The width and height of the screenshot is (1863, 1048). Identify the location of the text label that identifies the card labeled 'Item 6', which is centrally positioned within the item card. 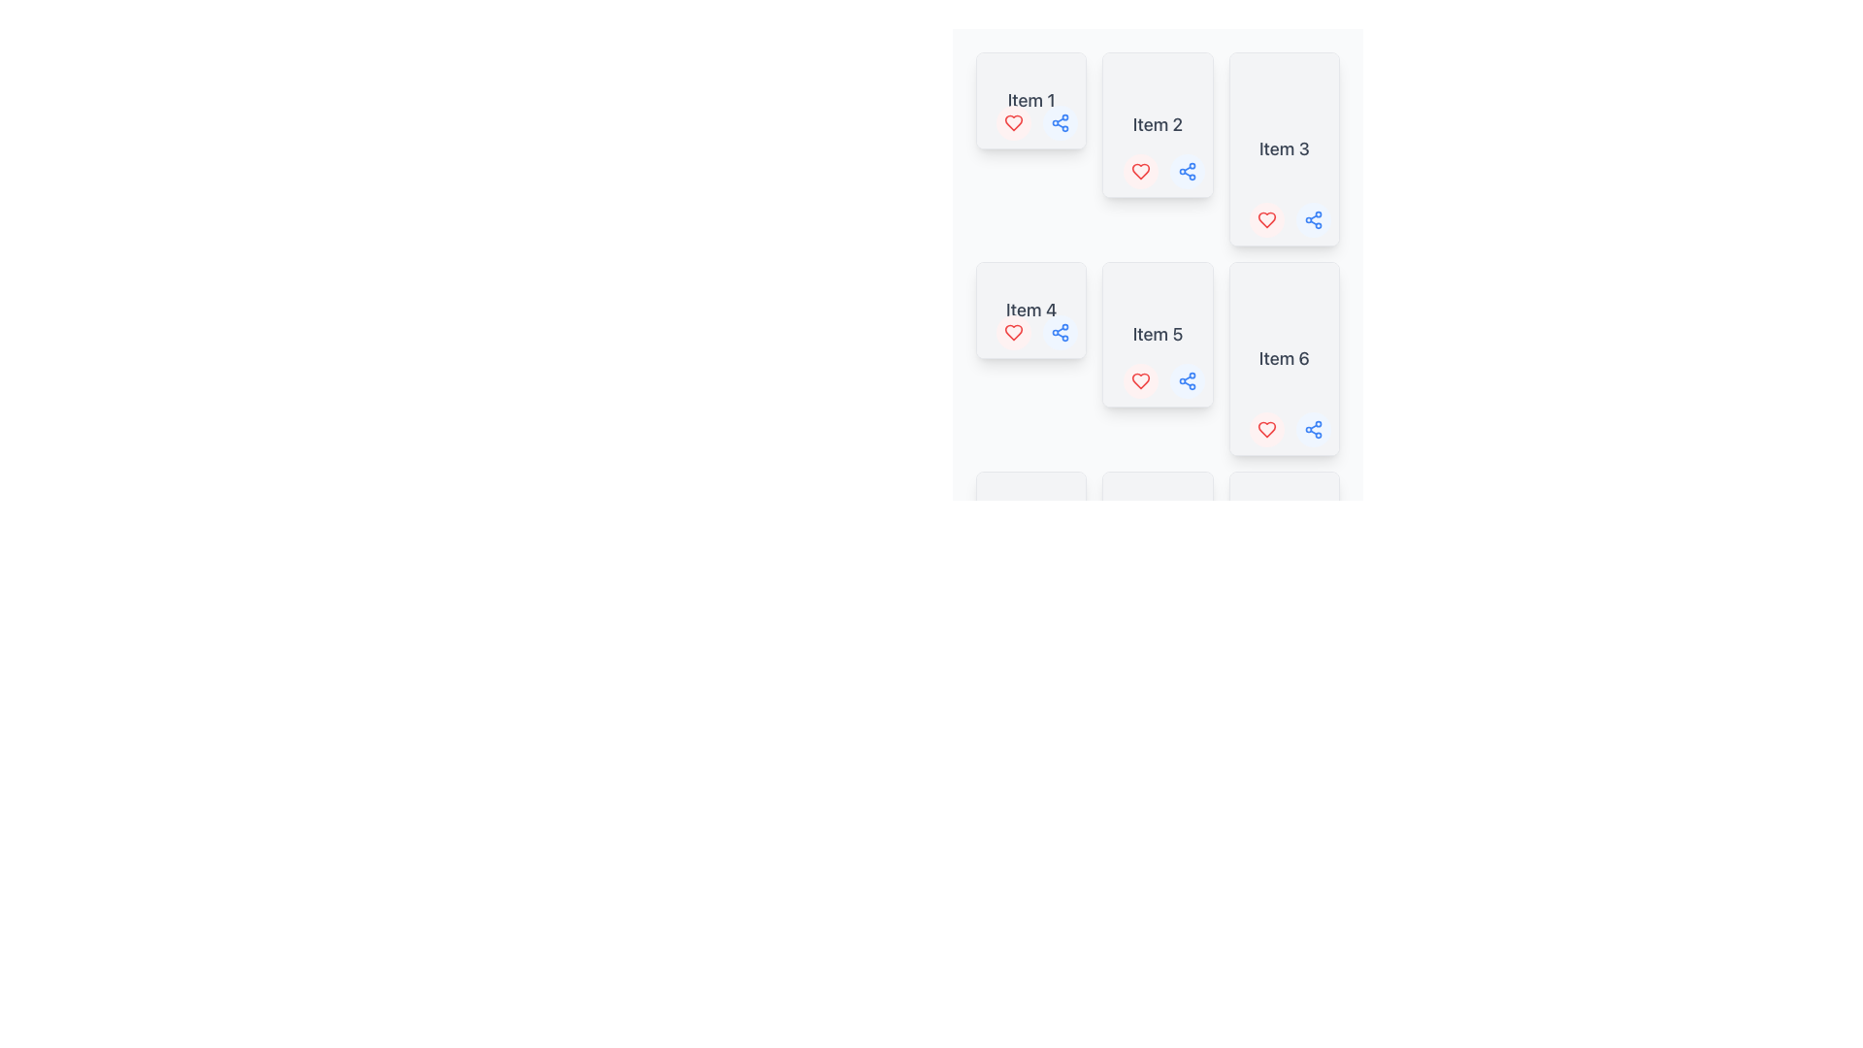
(1284, 359).